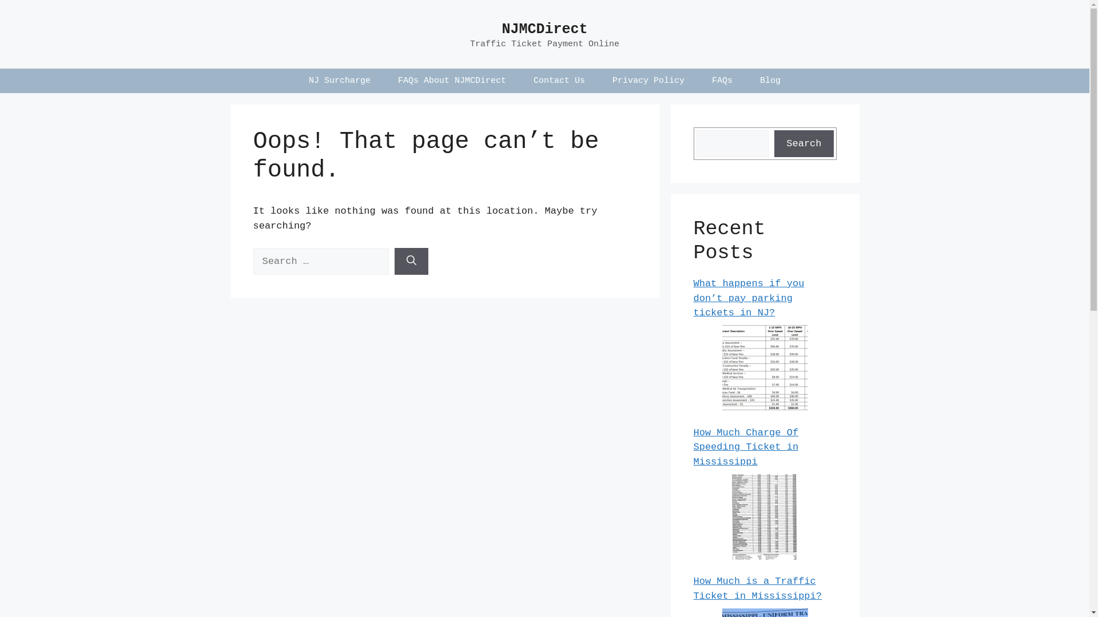 This screenshot has width=1098, height=617. I want to click on 'How Much is a Traffic Ticket in Mississippi?', so click(757, 588).